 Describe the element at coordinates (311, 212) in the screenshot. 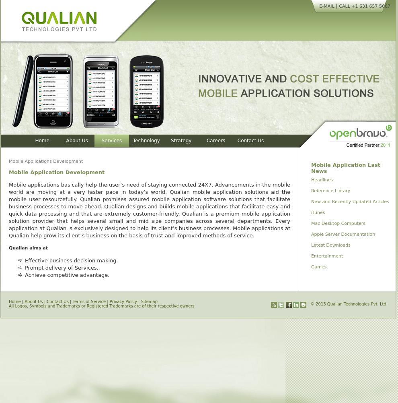

I see `'iTunes'` at that location.